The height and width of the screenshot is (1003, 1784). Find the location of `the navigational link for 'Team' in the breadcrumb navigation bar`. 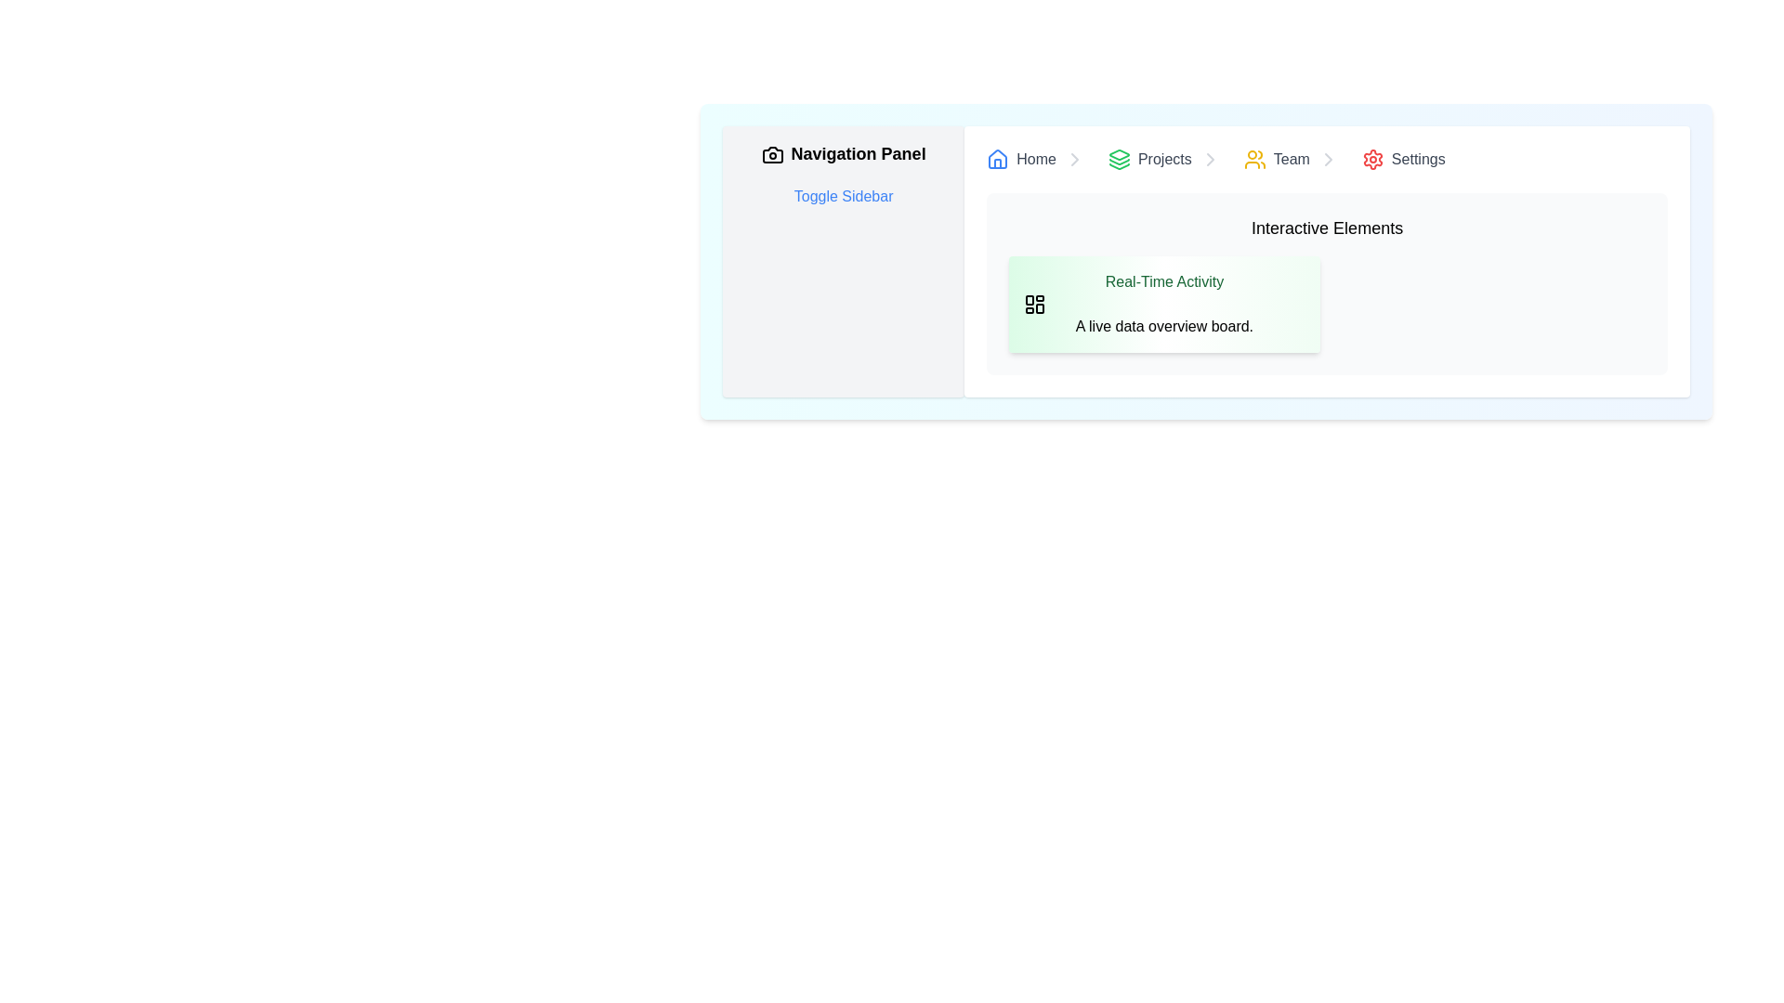

the navigational link for 'Team' in the breadcrumb navigation bar is located at coordinates (1294, 159).